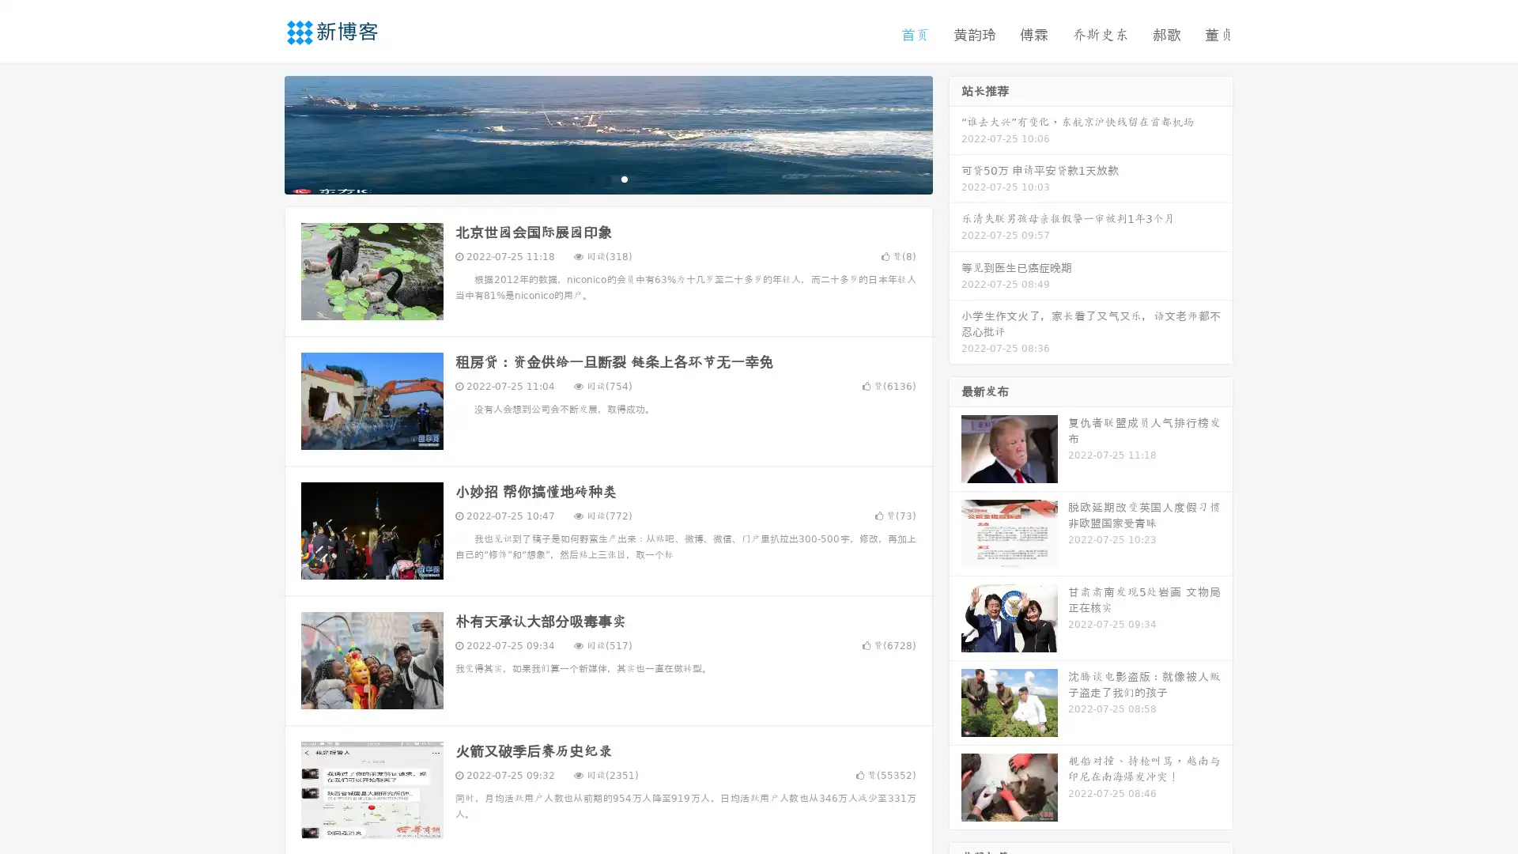 This screenshot has height=854, width=1518. I want to click on Go to slide 3, so click(624, 178).